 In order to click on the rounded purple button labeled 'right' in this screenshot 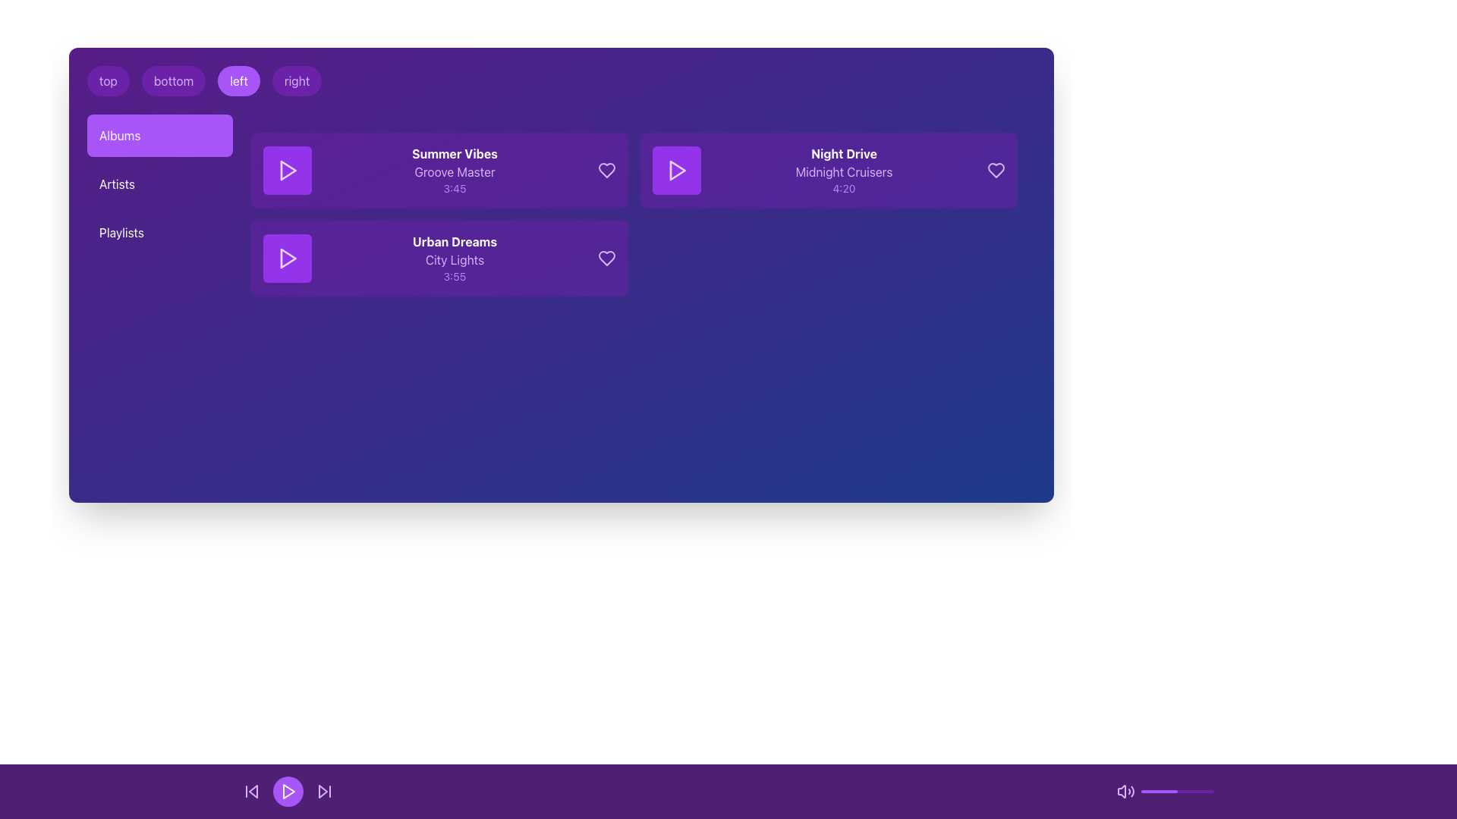, I will do `click(297, 81)`.